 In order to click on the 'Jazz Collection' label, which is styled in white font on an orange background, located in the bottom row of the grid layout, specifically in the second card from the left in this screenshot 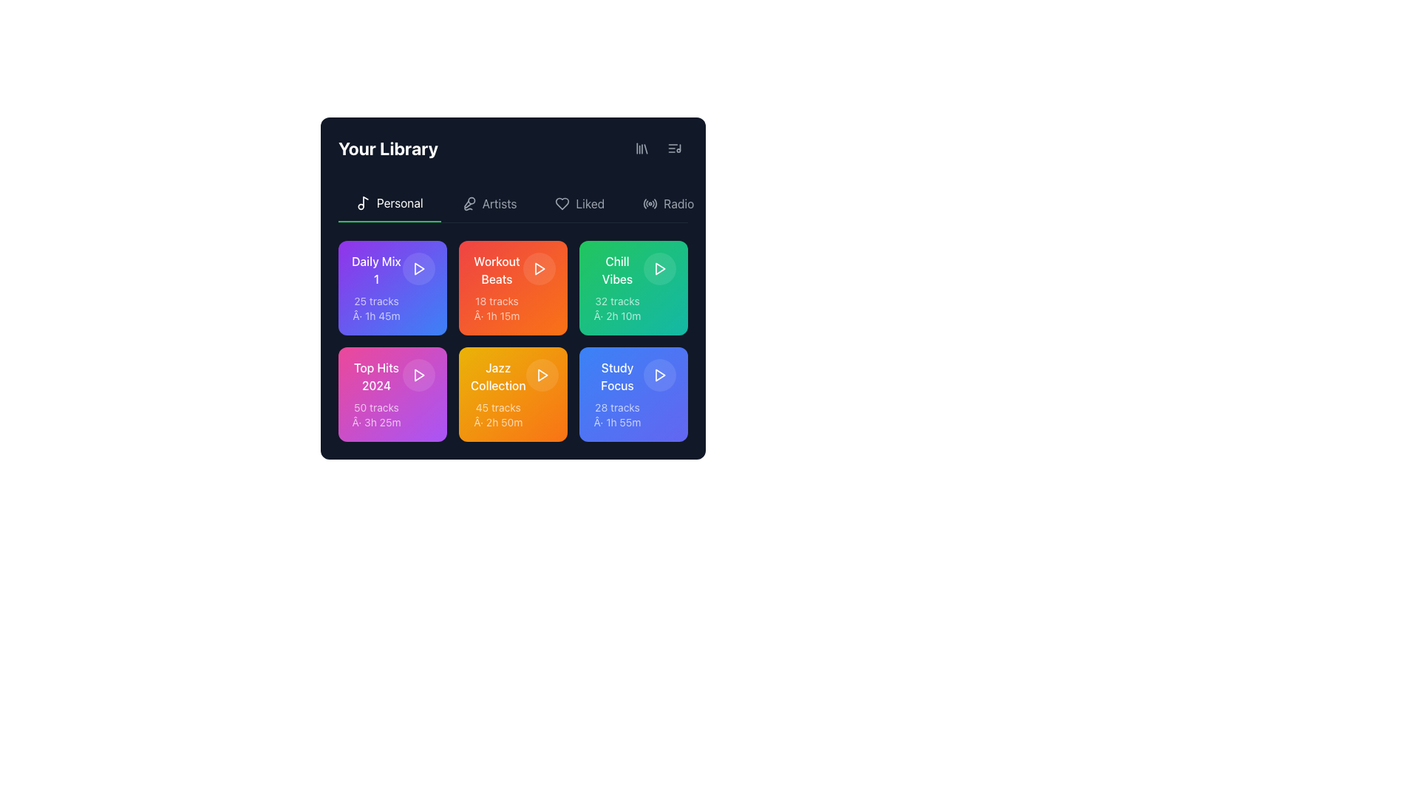, I will do `click(498, 375)`.